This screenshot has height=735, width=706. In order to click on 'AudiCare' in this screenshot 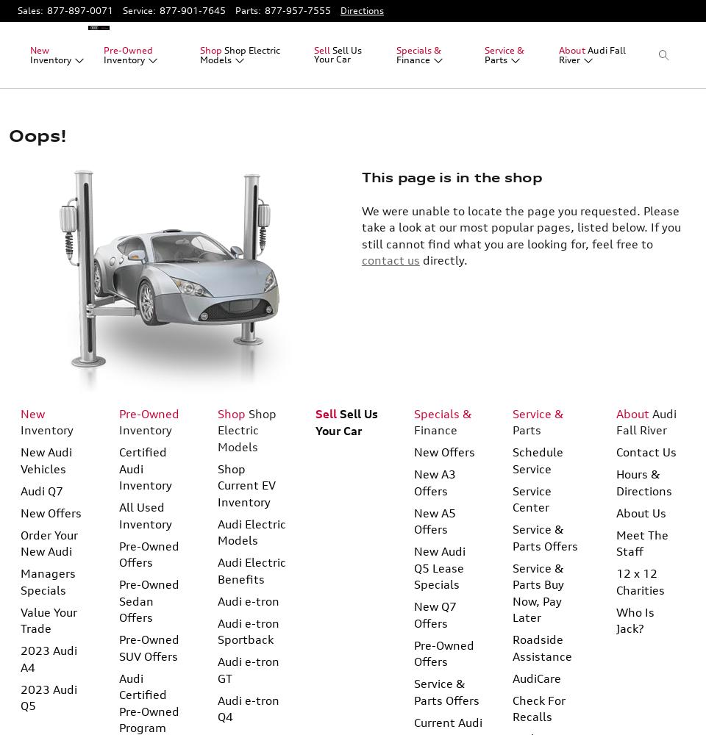, I will do `click(512, 678)`.